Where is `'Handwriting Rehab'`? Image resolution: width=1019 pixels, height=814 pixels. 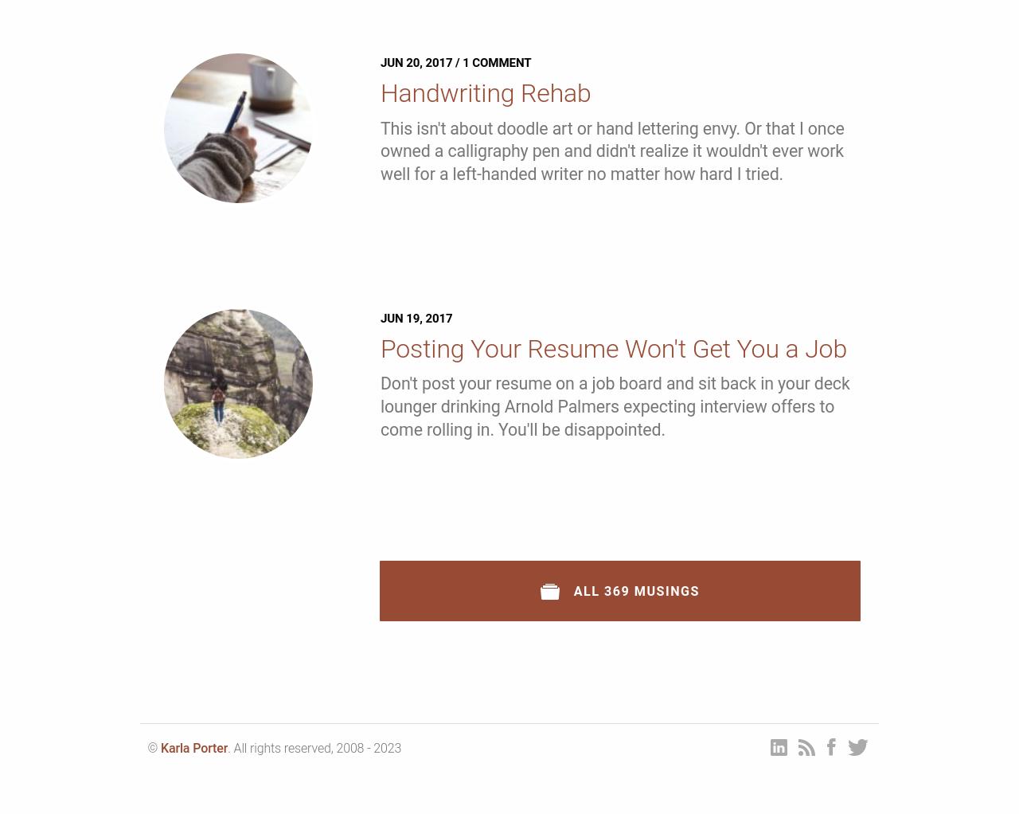 'Handwriting Rehab' is located at coordinates (484, 92).